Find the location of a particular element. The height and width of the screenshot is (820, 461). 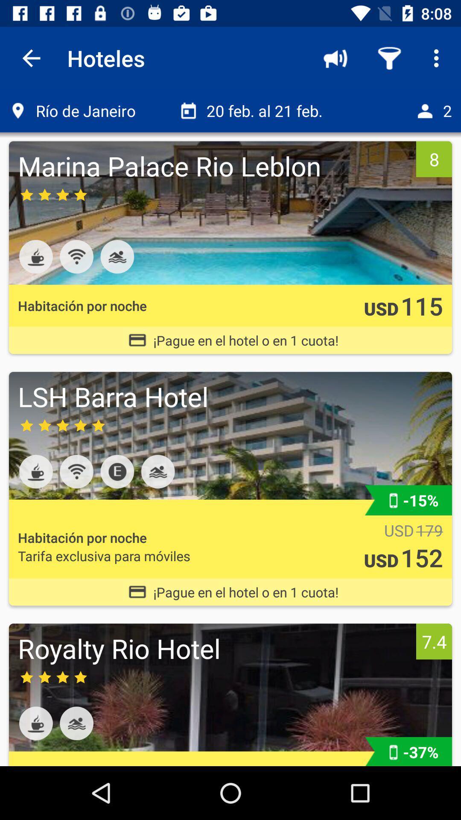

the 179 icon is located at coordinates (429, 530).